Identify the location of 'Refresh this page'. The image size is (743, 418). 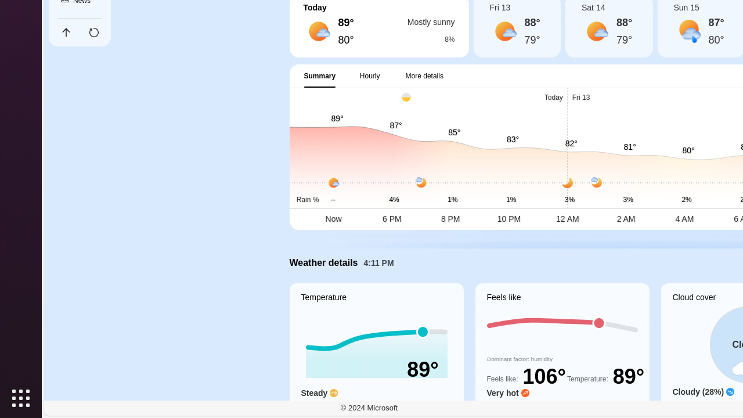
(93, 32).